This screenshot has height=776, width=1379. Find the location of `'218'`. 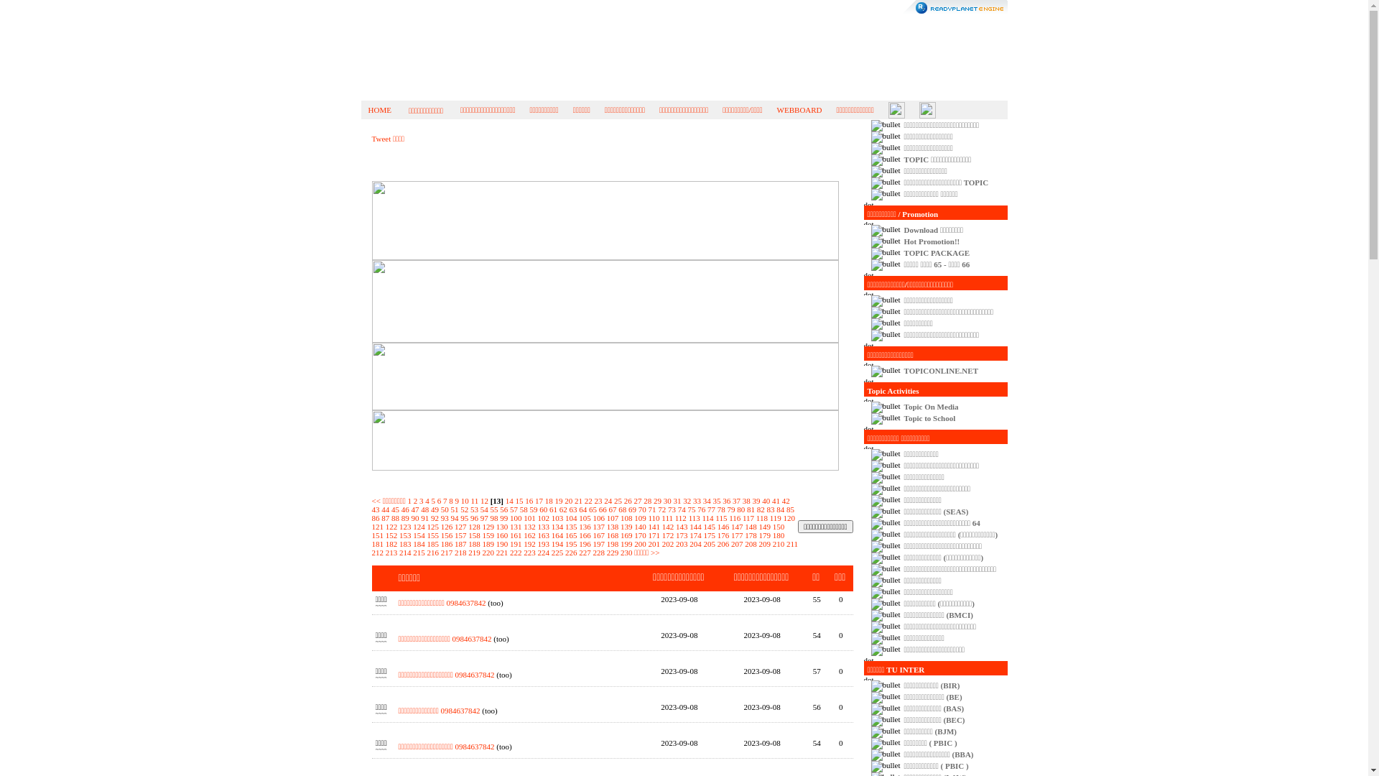

'218' is located at coordinates (460, 551).